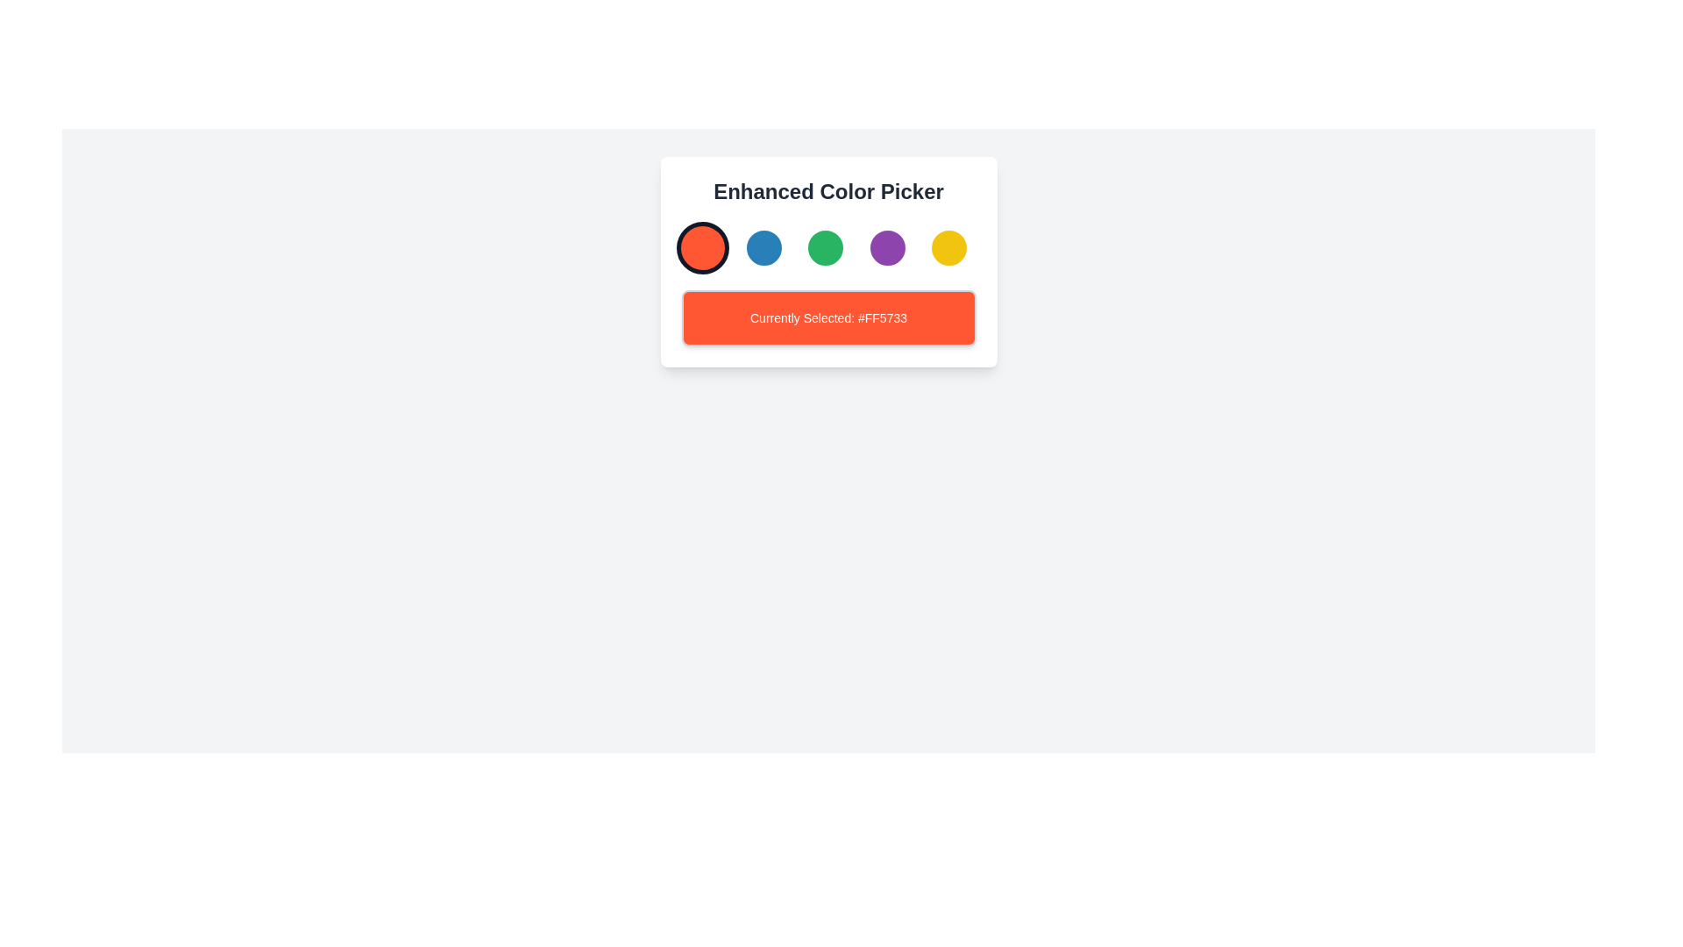  Describe the element at coordinates (887, 247) in the screenshot. I see `the fourth button in a row of five buttons to confirm the selection of the purple color` at that location.